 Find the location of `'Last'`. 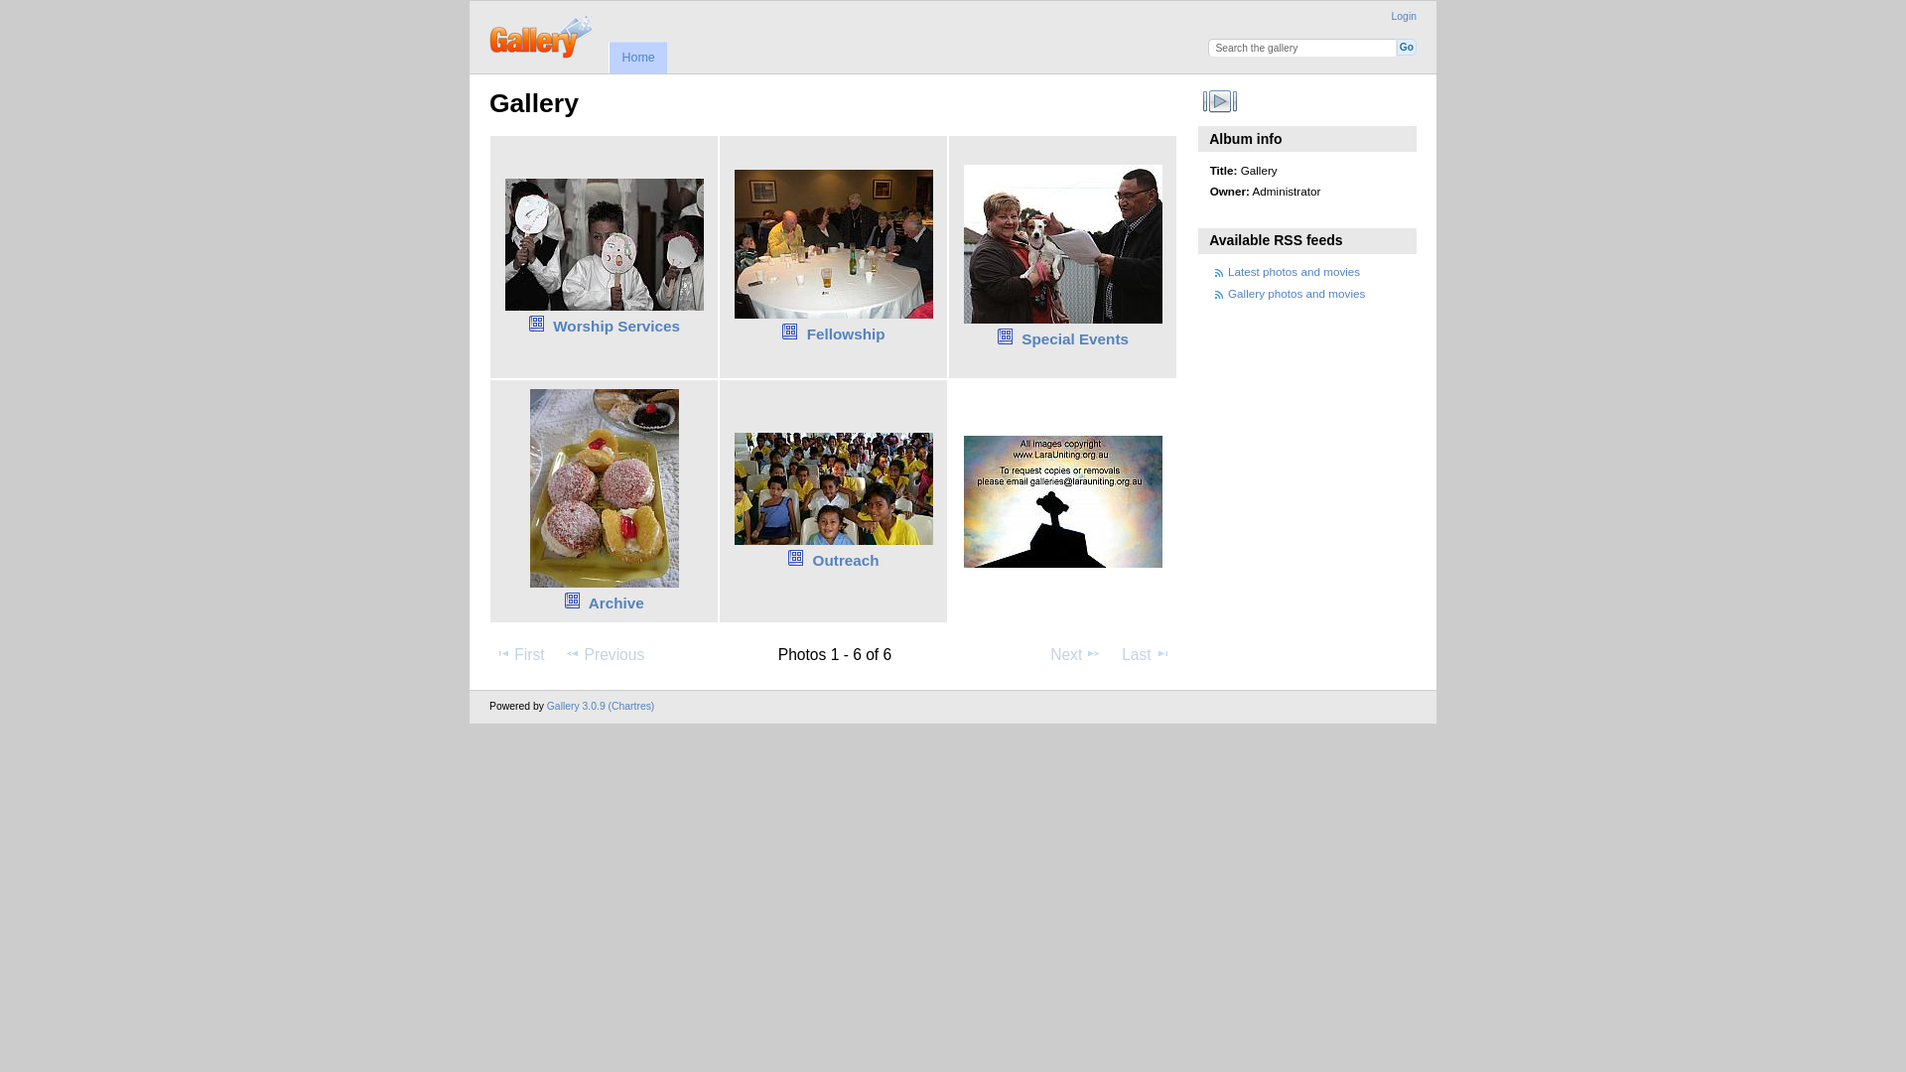

'Last' is located at coordinates (1146, 654).